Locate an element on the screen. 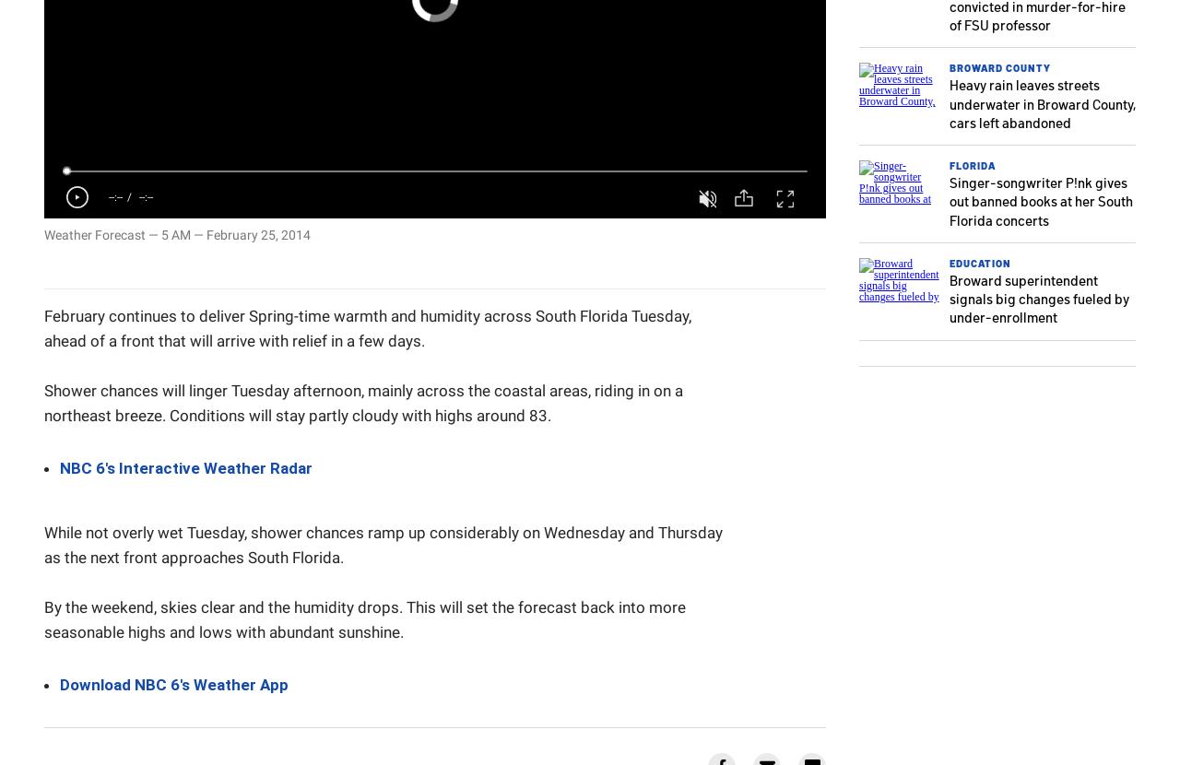  'Share' is located at coordinates (735, 155).